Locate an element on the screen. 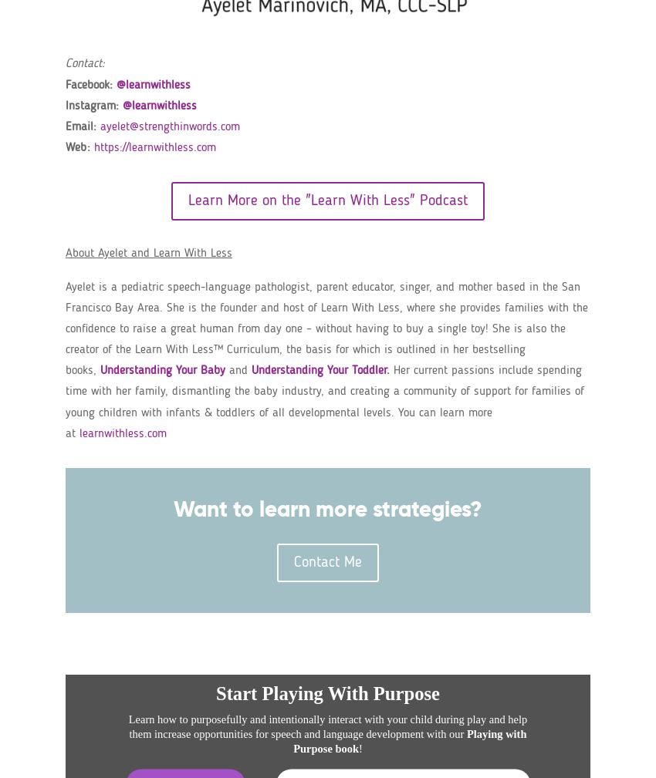 The image size is (656, 778). 'Her current passions include spending time with her family, dismantling the baby industry, and creating a community of support for families of young children with infants & toddlers of all developmental levels. You can learn more at' is located at coordinates (66, 402).